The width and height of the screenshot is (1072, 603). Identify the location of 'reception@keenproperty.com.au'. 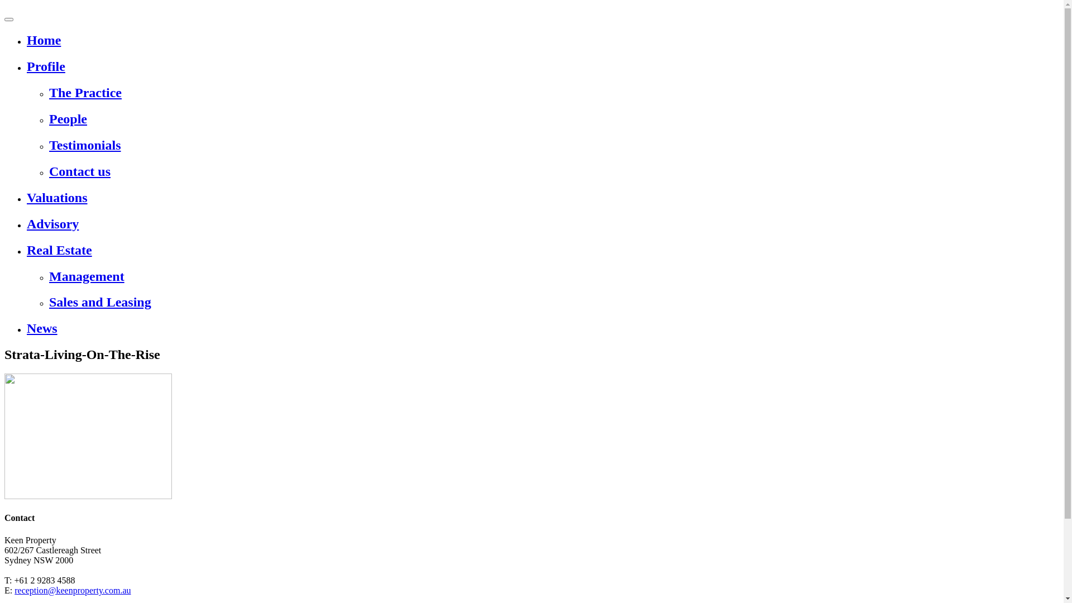
(14, 590).